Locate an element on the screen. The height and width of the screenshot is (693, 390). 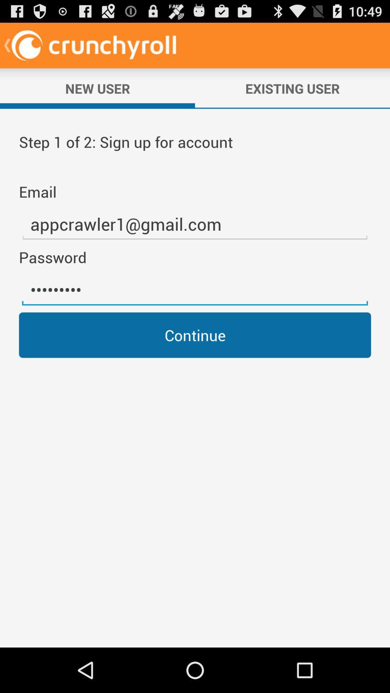
continue is located at coordinates (195, 335).